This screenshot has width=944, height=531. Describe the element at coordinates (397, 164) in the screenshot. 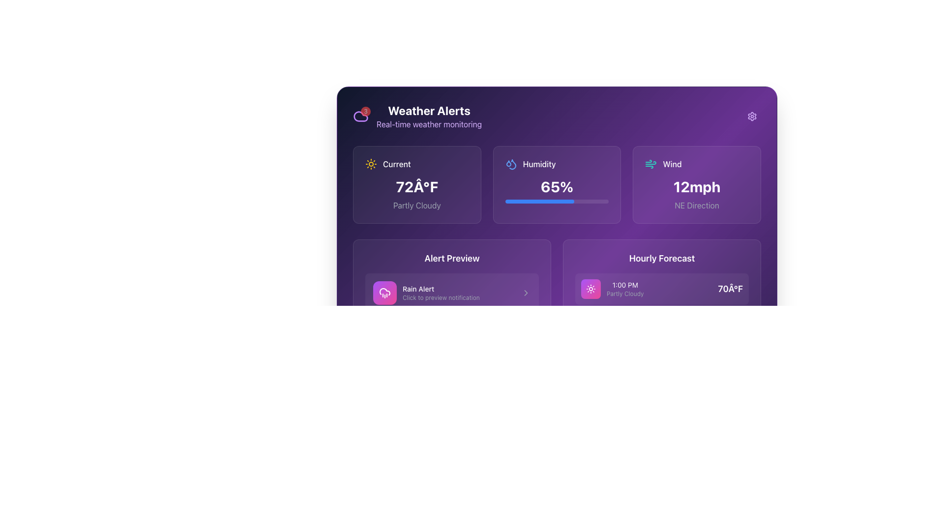

I see `the static text label displaying 'Current' with a white font on a dark purple background, located in the top-left area of the interface next to a sun icon` at that location.